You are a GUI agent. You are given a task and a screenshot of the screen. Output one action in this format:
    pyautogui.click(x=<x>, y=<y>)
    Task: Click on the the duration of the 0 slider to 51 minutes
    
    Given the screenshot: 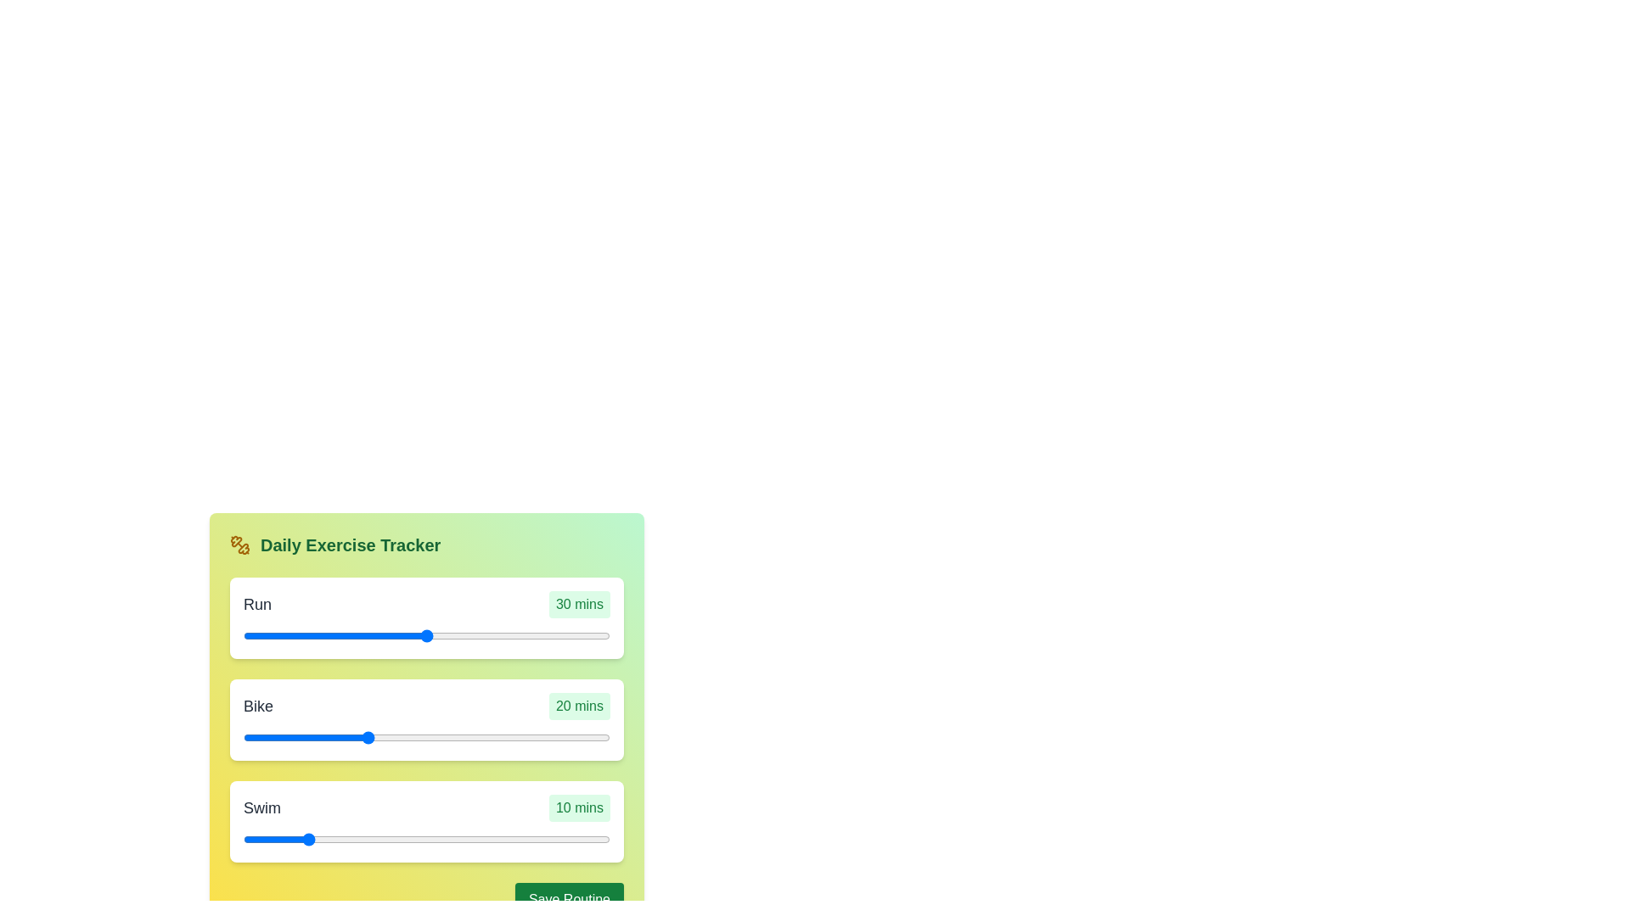 What is the action you would take?
    pyautogui.click(x=582, y=635)
    